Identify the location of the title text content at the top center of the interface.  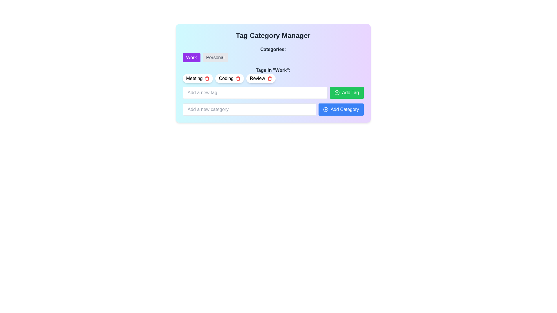
(273, 36).